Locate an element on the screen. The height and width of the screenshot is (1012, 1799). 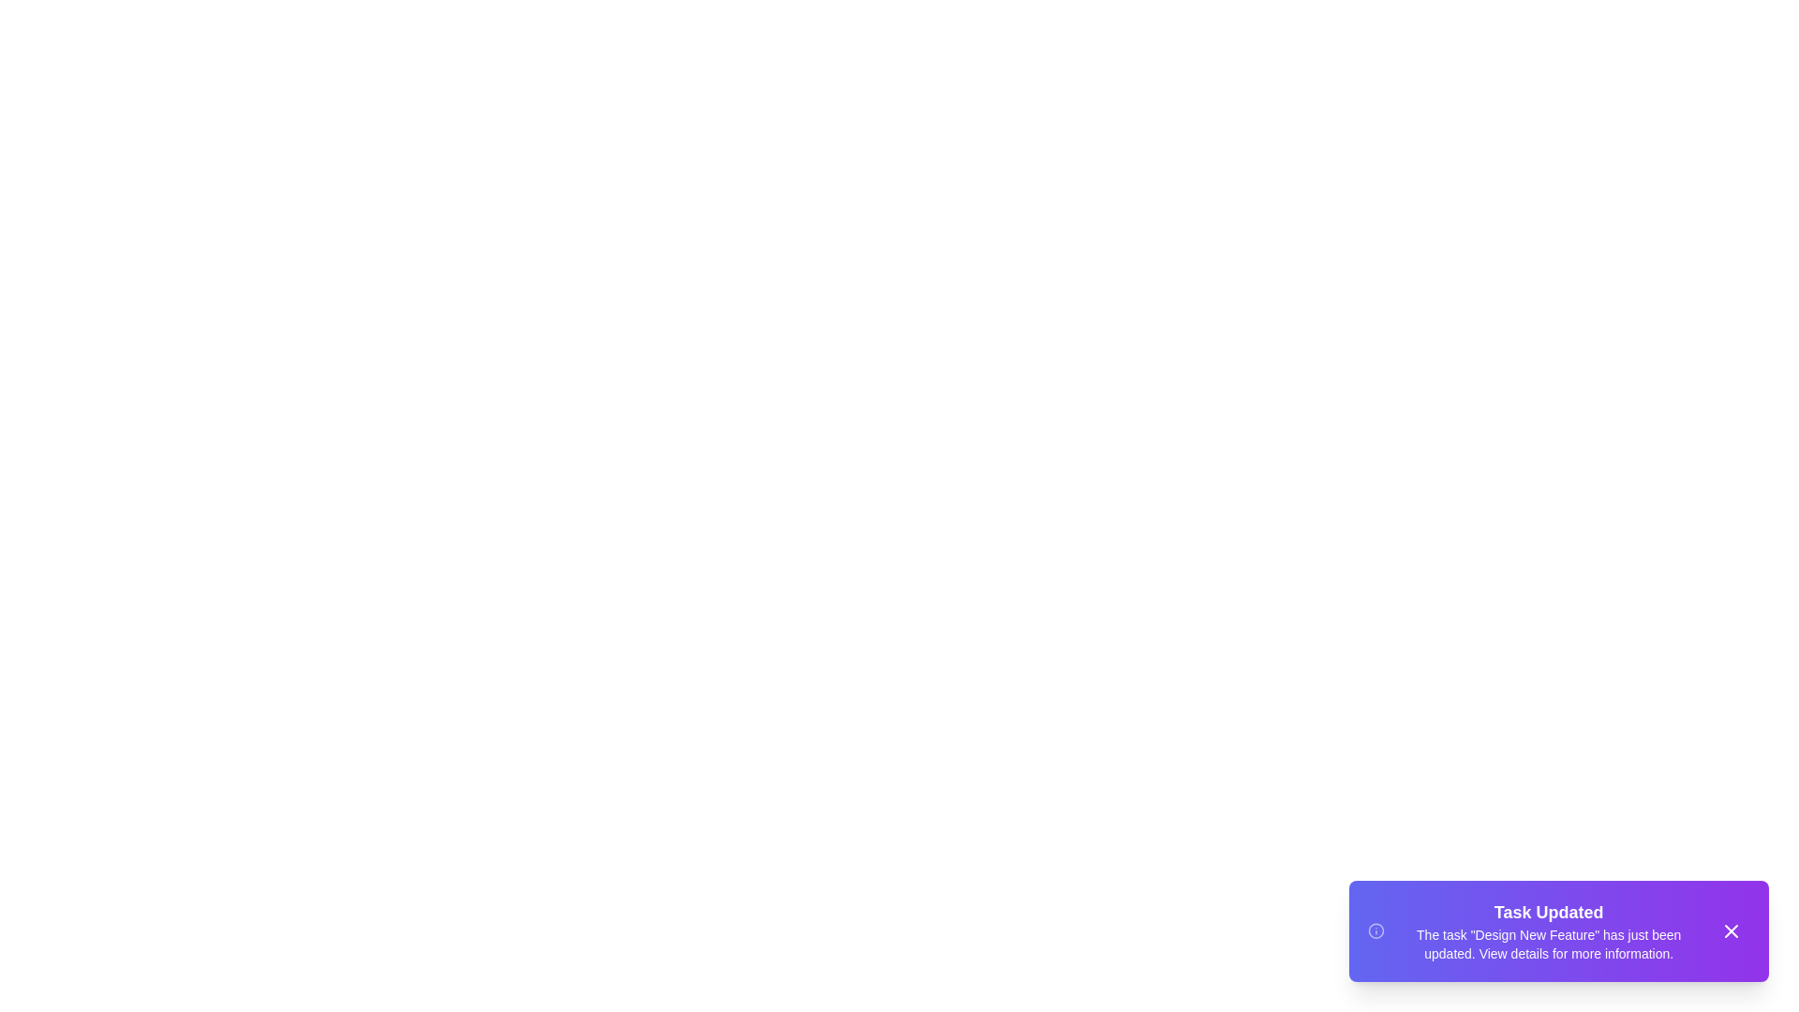
the informational icon to trigger its action is located at coordinates (1375, 931).